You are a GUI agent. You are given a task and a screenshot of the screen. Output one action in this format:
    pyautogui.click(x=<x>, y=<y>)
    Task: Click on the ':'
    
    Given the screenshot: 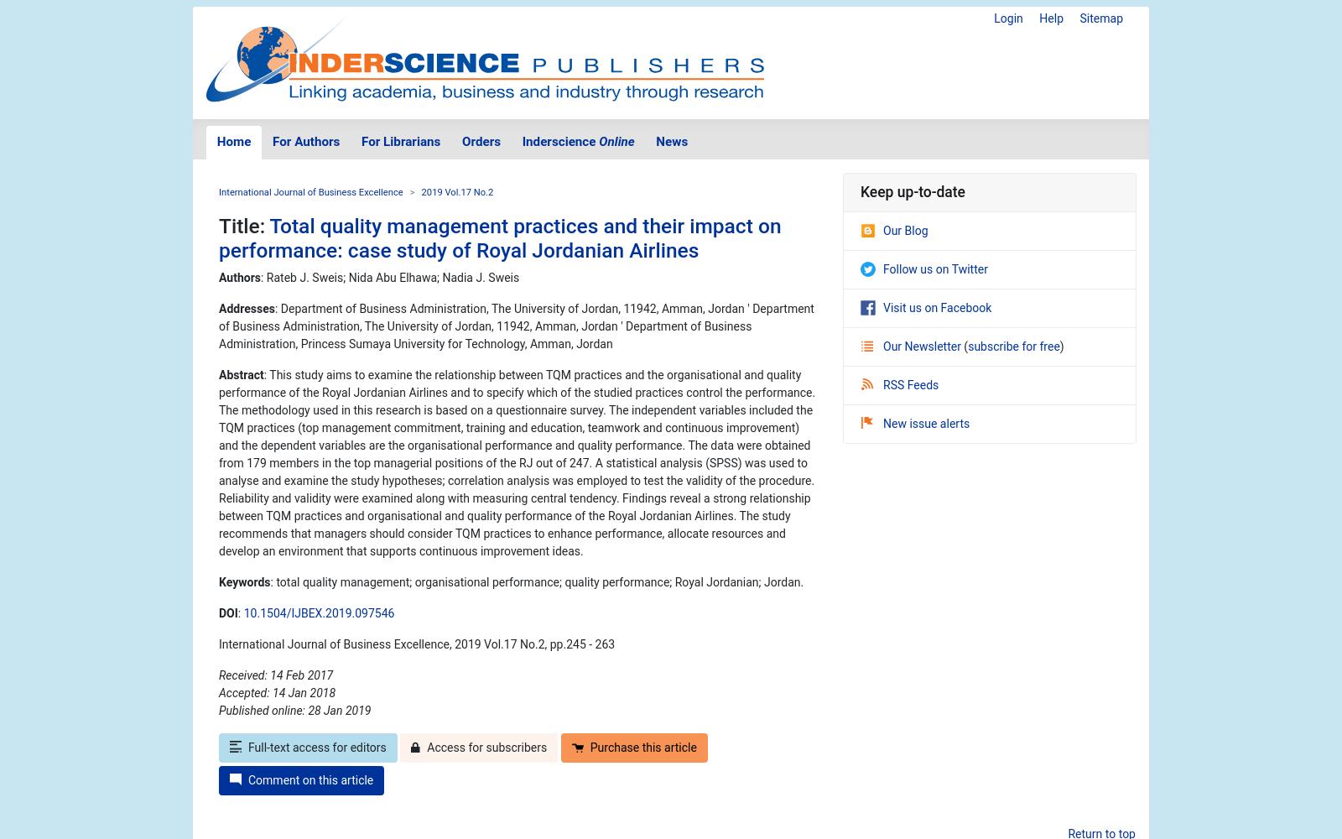 What is the action you would take?
    pyautogui.click(x=240, y=612)
    